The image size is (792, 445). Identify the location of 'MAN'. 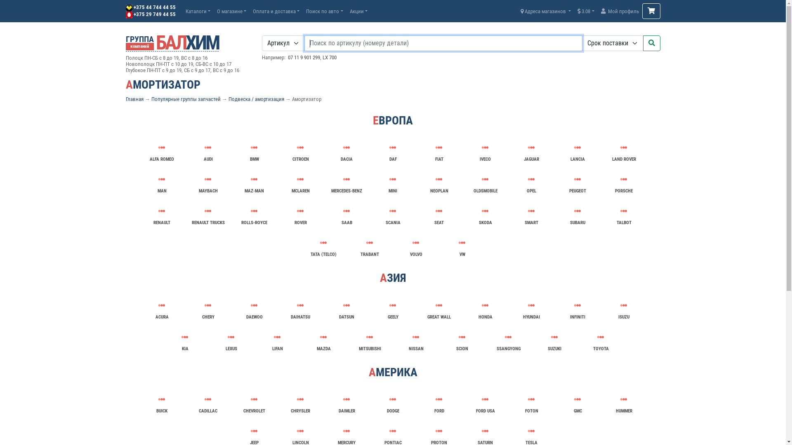
(162, 182).